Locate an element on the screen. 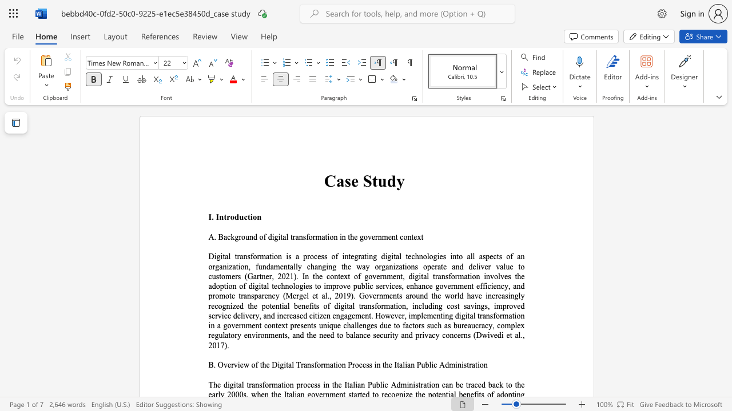 The height and width of the screenshot is (411, 732). the 1th character "e" in the text is located at coordinates (354, 180).